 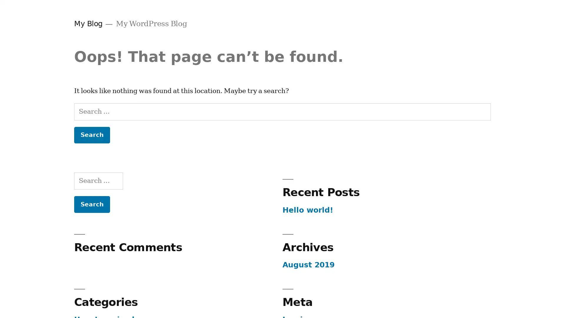 What do you see at coordinates (92, 204) in the screenshot?
I see `Search` at bounding box center [92, 204].